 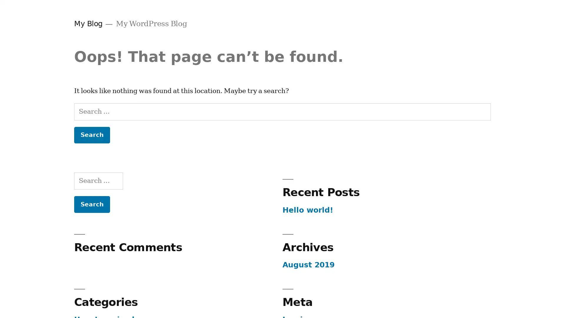 What do you see at coordinates (92, 204) in the screenshot?
I see `Search` at bounding box center [92, 204].